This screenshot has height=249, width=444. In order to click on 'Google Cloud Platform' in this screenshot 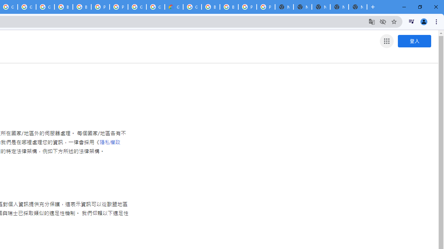, I will do `click(155, 7)`.